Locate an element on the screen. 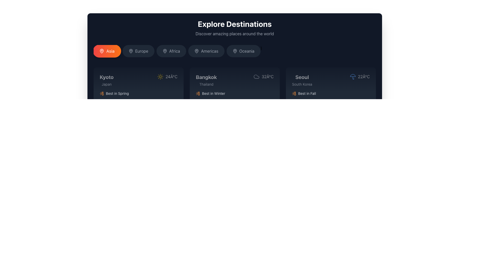 The height and width of the screenshot is (276, 491). text label styled in a small, gray font that reads 'Best in Winter', located in the lower-left corner of the 'Bangkok' card, which is associated with a weather icon and temperature information is located at coordinates (214, 94).